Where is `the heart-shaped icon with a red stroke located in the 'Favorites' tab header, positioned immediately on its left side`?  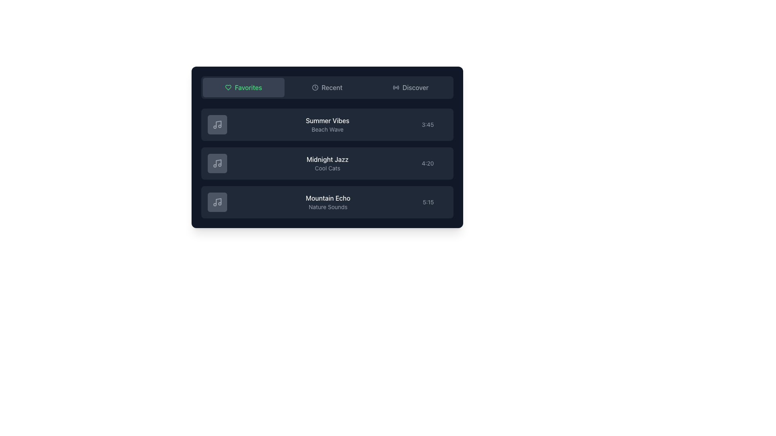 the heart-shaped icon with a red stroke located in the 'Favorites' tab header, positioned immediately on its left side is located at coordinates (228, 87).